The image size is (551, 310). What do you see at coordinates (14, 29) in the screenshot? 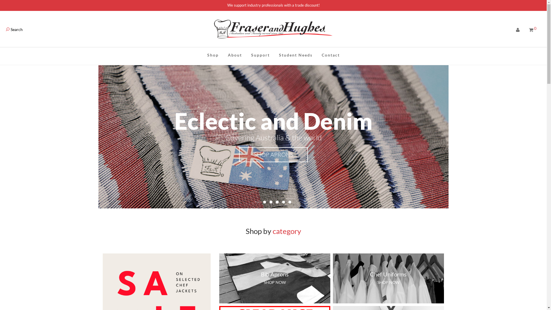
I see `'Search'` at bounding box center [14, 29].